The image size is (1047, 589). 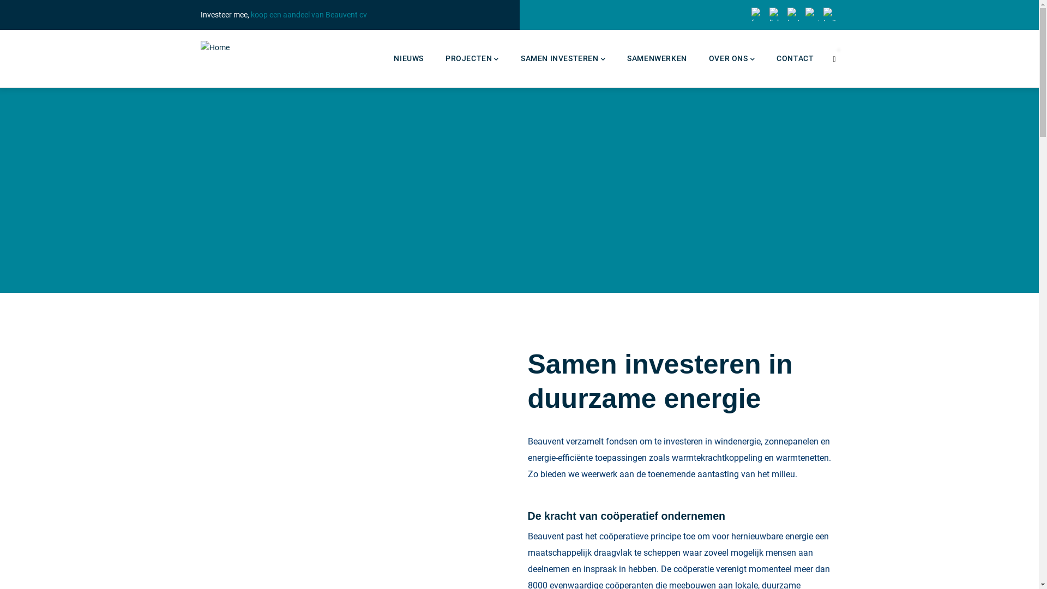 I want to click on 'CONTACT', so click(x=795, y=58).